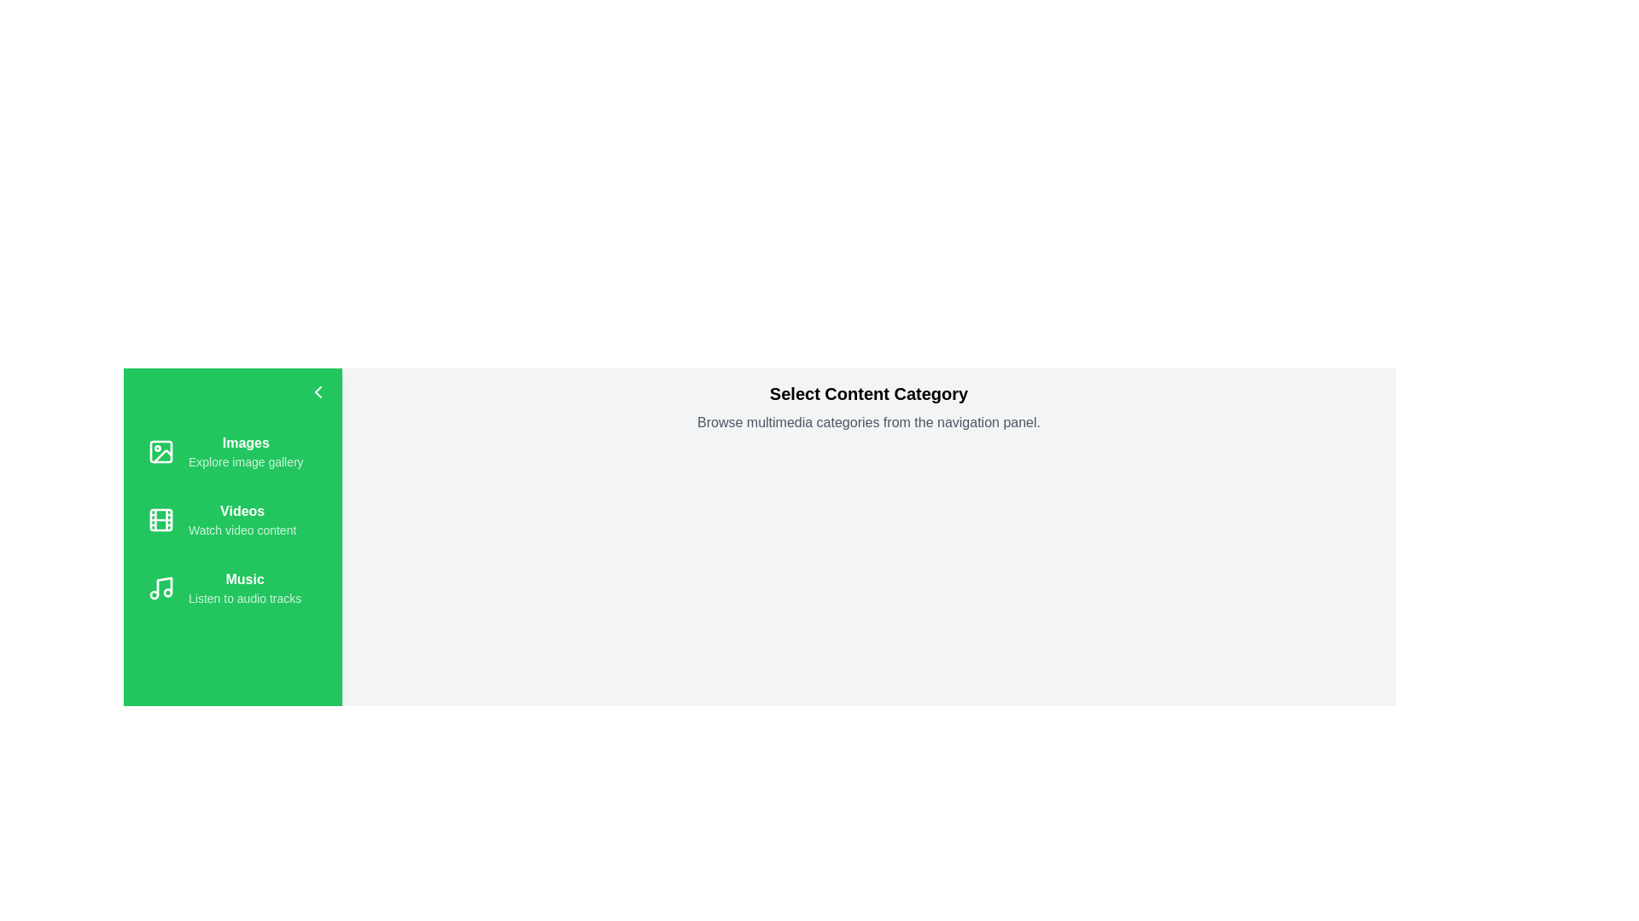 The width and height of the screenshot is (1639, 921). I want to click on the category Videos to see its hover effect, so click(232, 518).